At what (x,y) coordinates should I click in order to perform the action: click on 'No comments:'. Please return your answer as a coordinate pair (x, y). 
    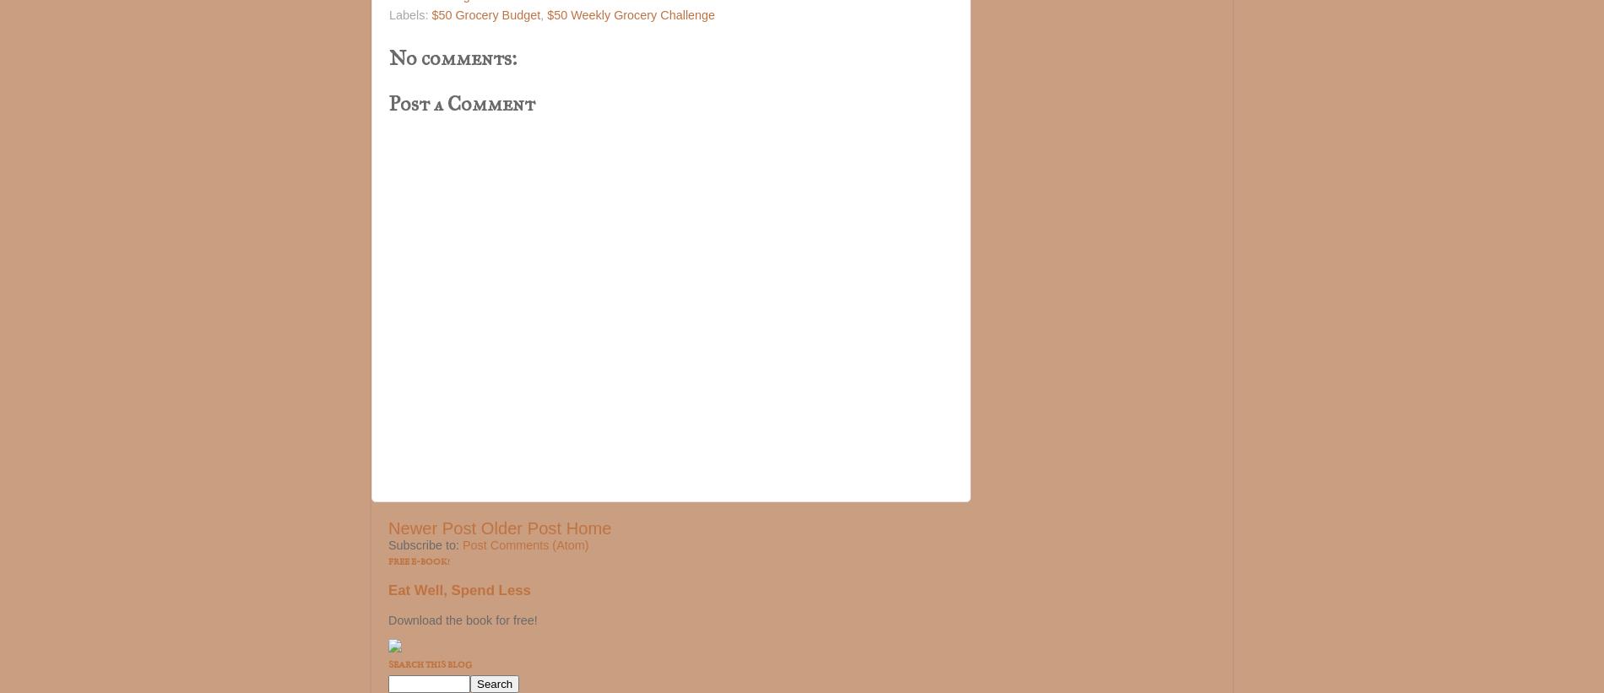
    Looking at the image, I should click on (452, 57).